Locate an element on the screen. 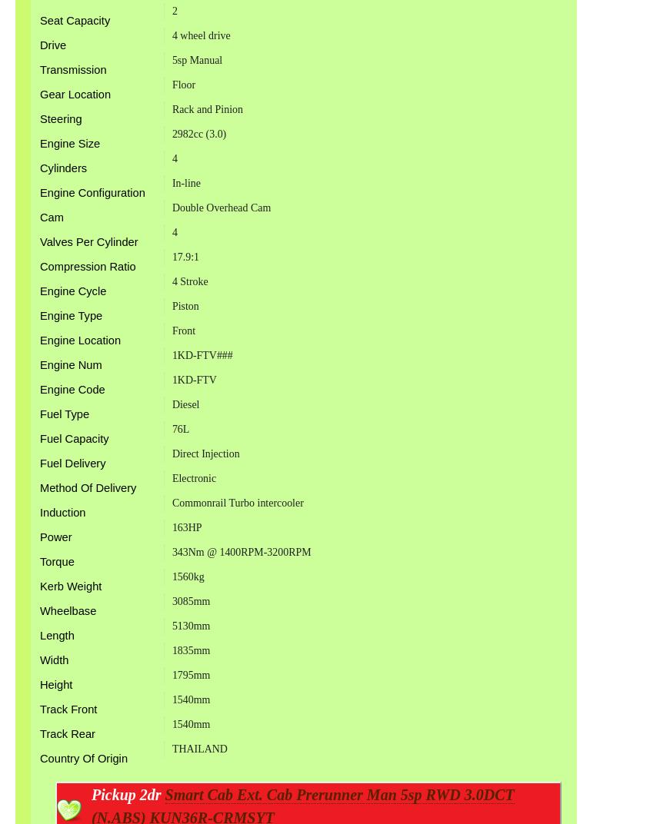 The height and width of the screenshot is (824, 650). 'Engine Location' is located at coordinates (80, 338).